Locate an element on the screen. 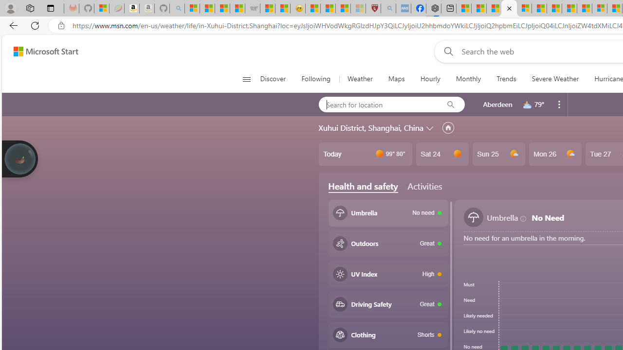 This screenshot has height=350, width=623. 'Severe Weather' is located at coordinates (555, 79).